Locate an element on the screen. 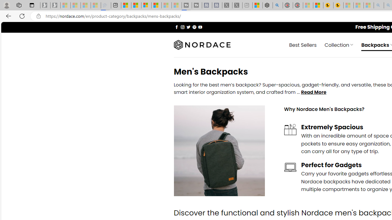 This screenshot has height=220, width=392. 'View site information' is located at coordinates (38, 16).